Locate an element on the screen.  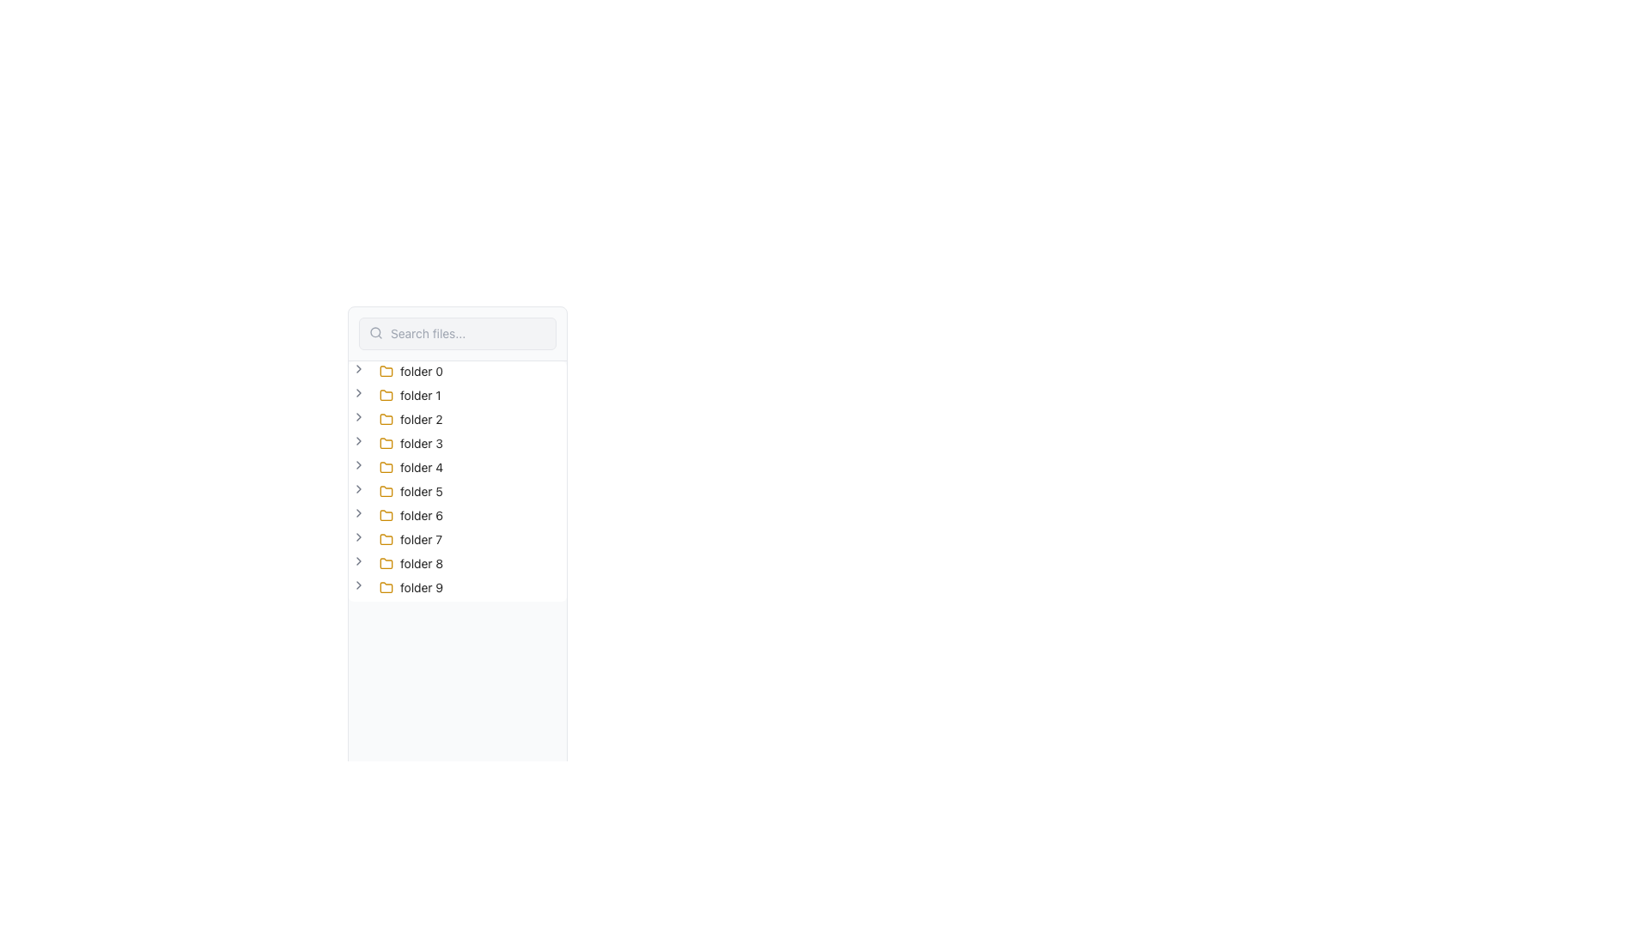
the yellow folder icon located next to the text 'folder 8' is located at coordinates (386, 562).